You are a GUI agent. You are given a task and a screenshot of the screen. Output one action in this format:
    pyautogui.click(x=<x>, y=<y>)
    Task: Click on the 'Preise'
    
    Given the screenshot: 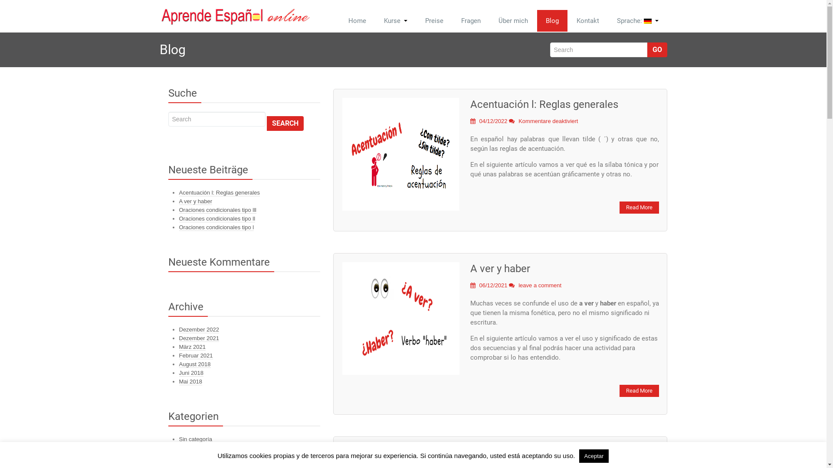 What is the action you would take?
    pyautogui.click(x=434, y=20)
    